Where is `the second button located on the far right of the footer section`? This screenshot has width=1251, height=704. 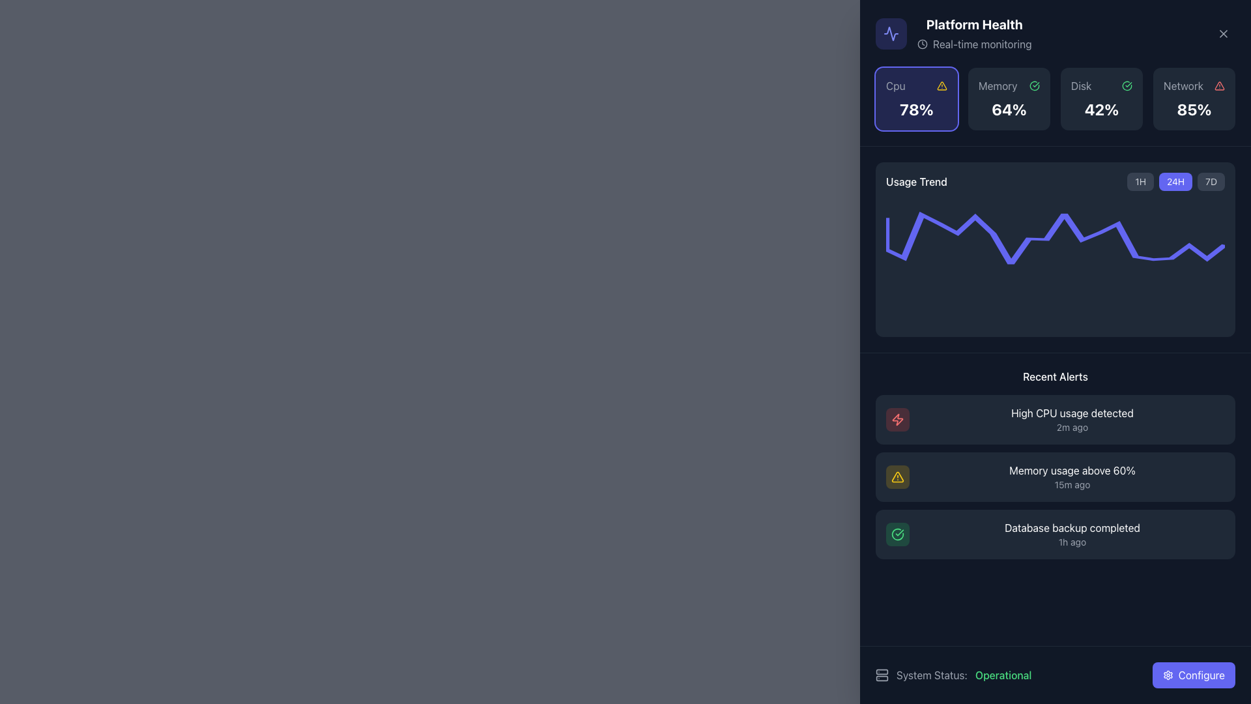 the second button located on the far right of the footer section is located at coordinates (1194, 675).